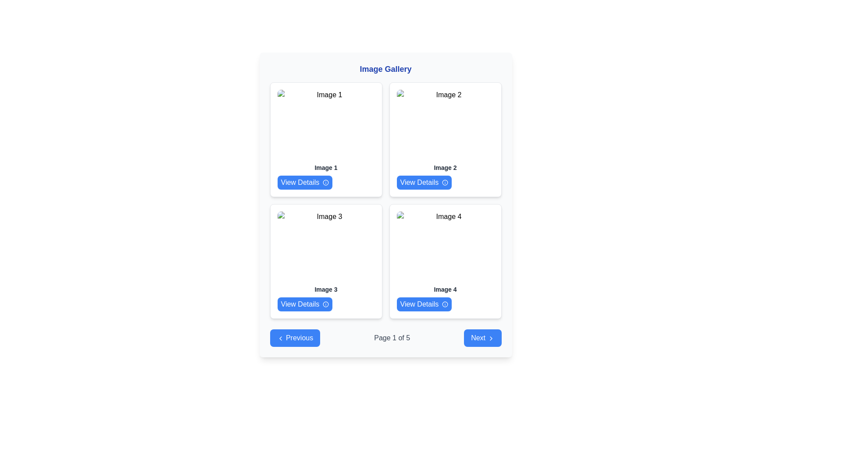 Image resolution: width=842 pixels, height=473 pixels. Describe the element at coordinates (445, 182) in the screenshot. I see `the circular information icon located at the rightmost part of the 'View Details' button, which is situated below the 'Image 2' card in the gallery grid` at that location.